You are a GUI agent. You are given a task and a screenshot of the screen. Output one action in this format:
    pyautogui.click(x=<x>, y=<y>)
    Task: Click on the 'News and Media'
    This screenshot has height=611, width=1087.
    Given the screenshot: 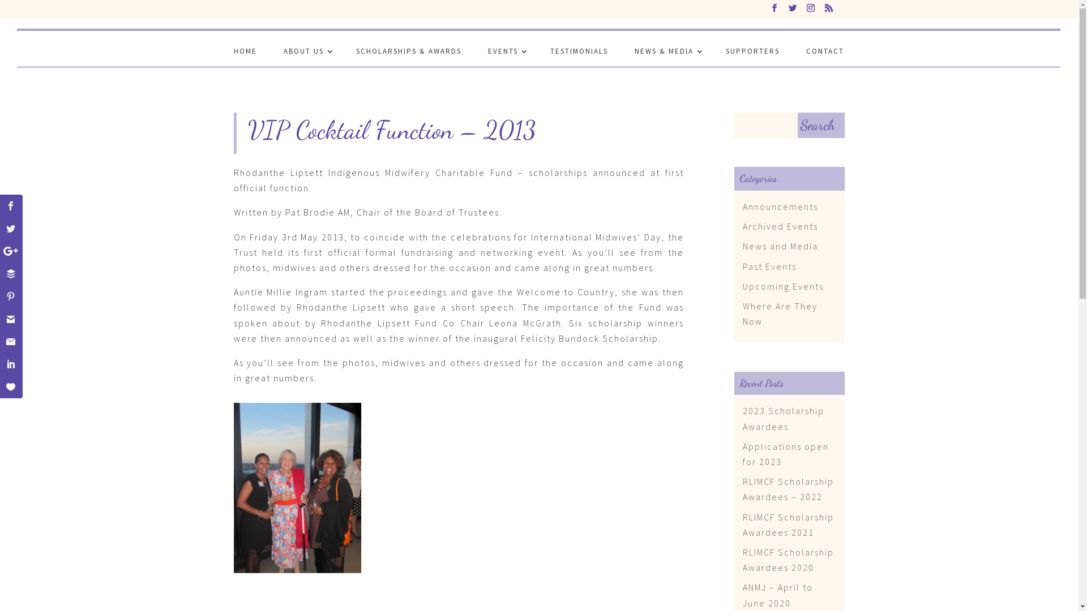 What is the action you would take?
    pyautogui.click(x=780, y=246)
    